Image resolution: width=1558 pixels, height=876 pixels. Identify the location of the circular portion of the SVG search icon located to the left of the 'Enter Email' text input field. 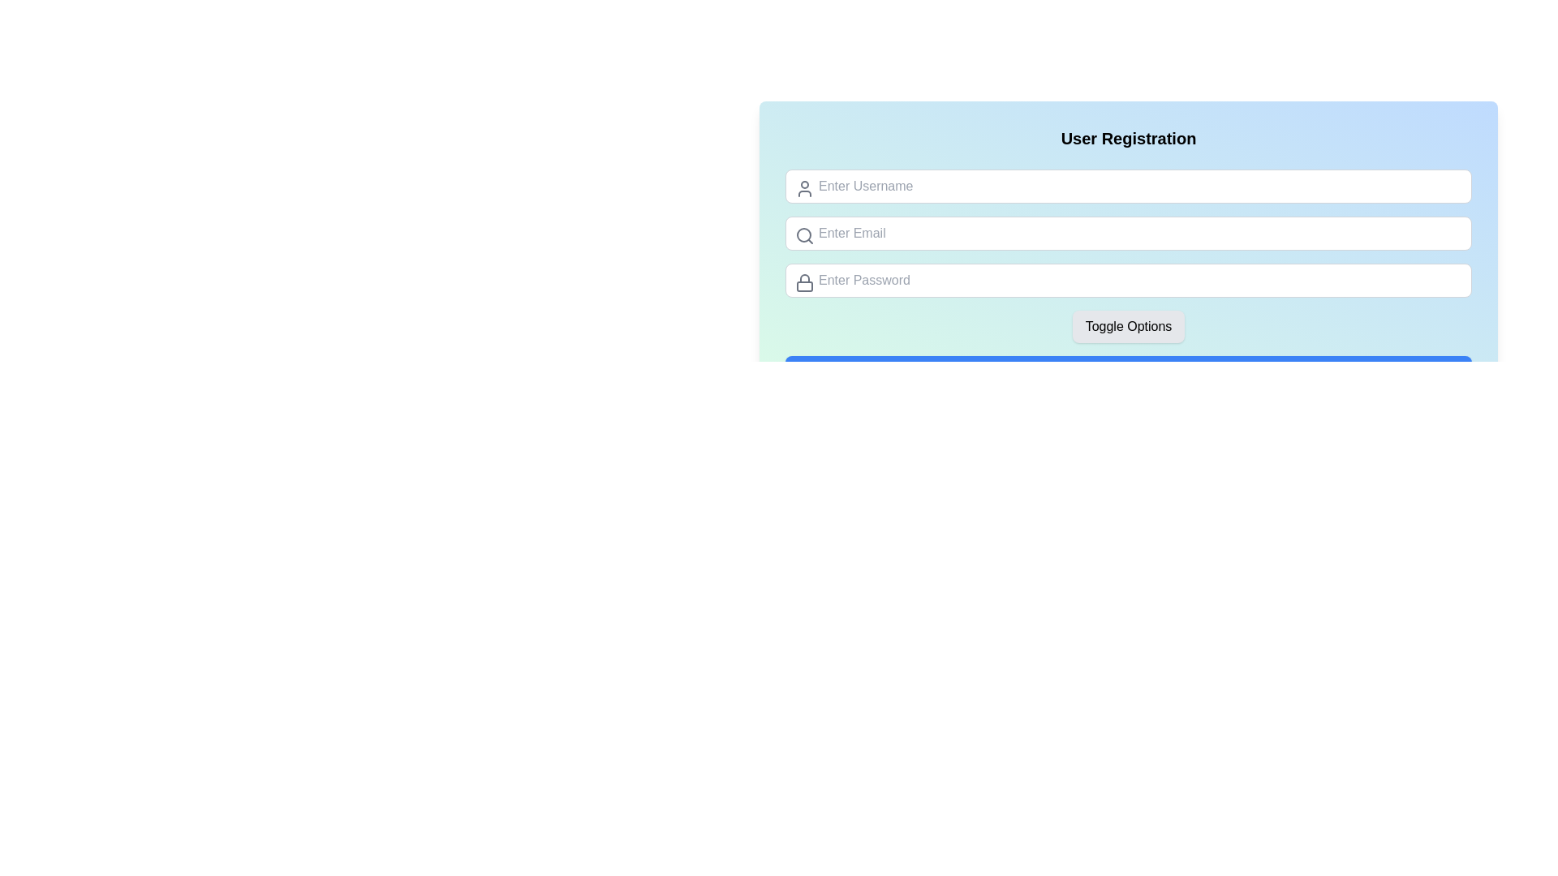
(803, 234).